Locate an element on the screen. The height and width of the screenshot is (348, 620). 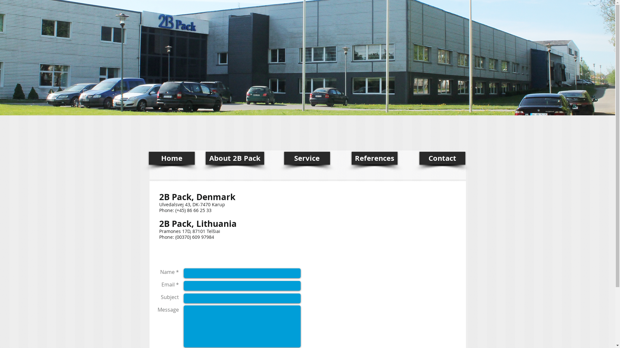
'Service' is located at coordinates (306, 158).